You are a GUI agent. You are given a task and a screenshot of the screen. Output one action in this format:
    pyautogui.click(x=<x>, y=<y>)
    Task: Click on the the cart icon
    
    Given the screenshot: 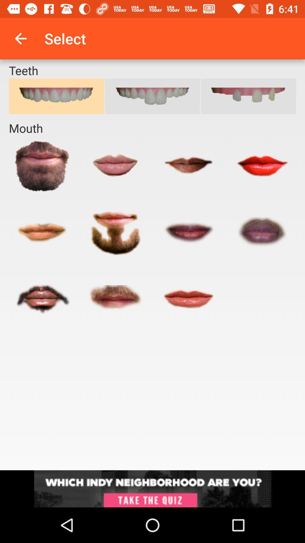 What is the action you would take?
    pyautogui.click(x=56, y=96)
    